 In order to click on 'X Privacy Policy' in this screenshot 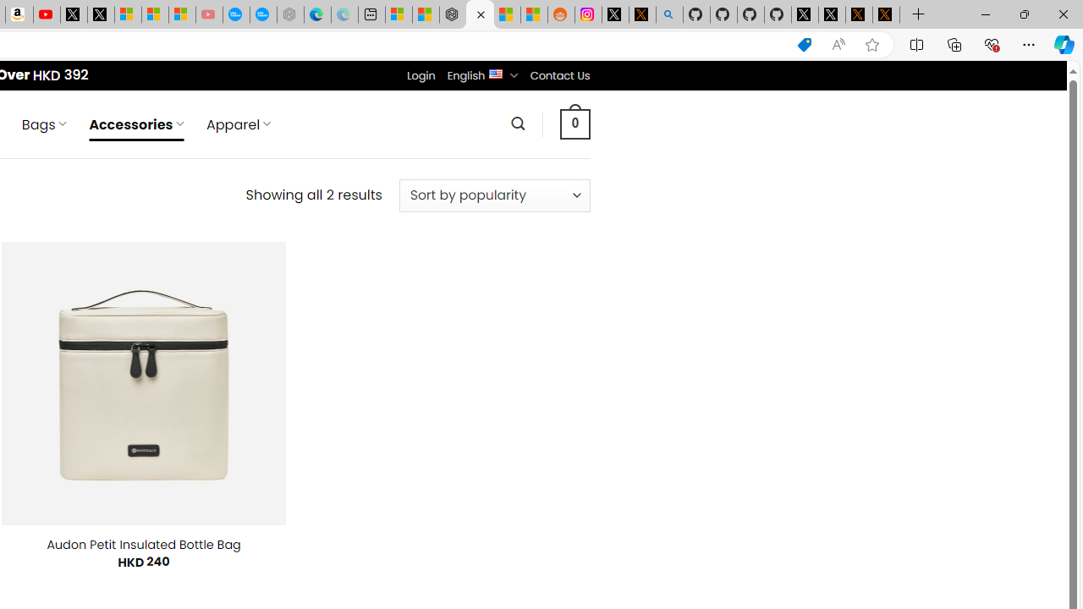, I will do `click(885, 14)`.